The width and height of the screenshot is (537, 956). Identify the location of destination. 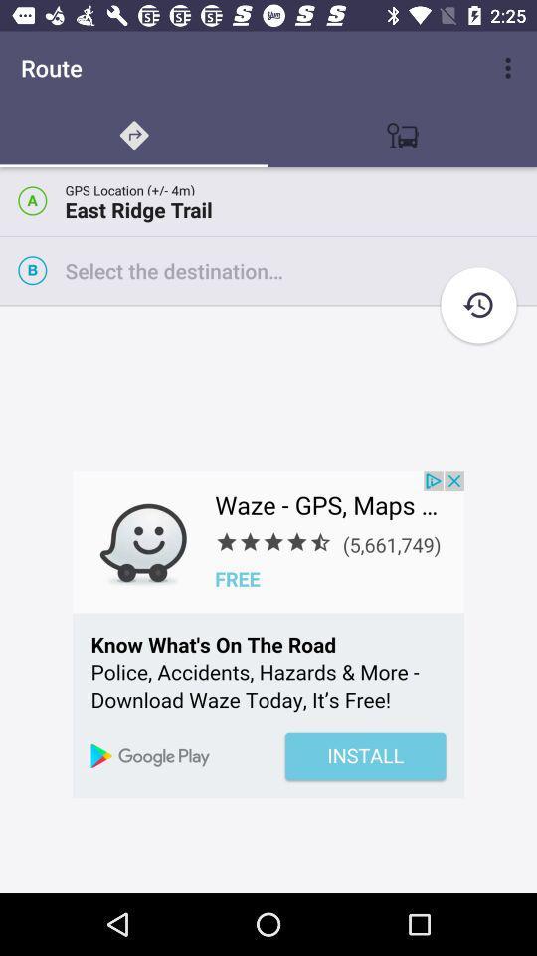
(299, 269).